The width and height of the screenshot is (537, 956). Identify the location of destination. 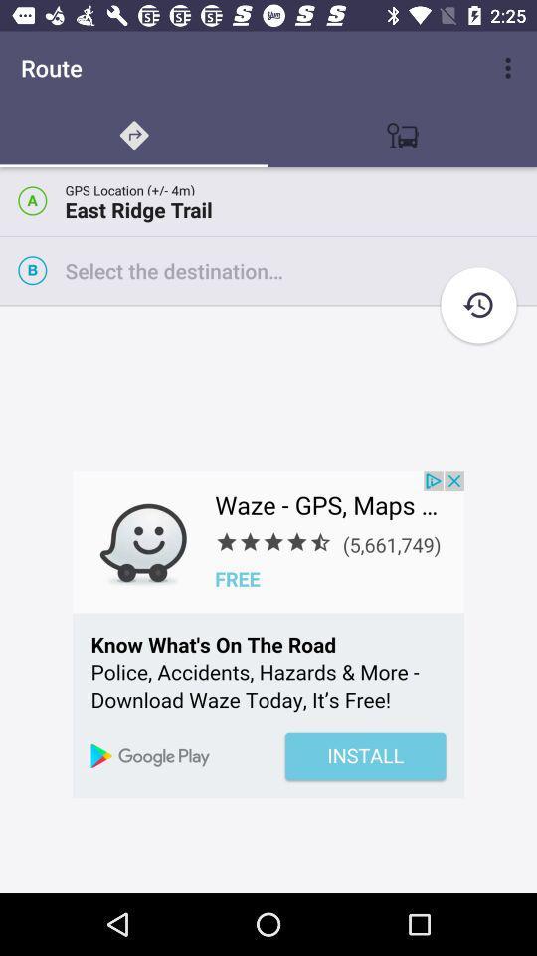
(299, 269).